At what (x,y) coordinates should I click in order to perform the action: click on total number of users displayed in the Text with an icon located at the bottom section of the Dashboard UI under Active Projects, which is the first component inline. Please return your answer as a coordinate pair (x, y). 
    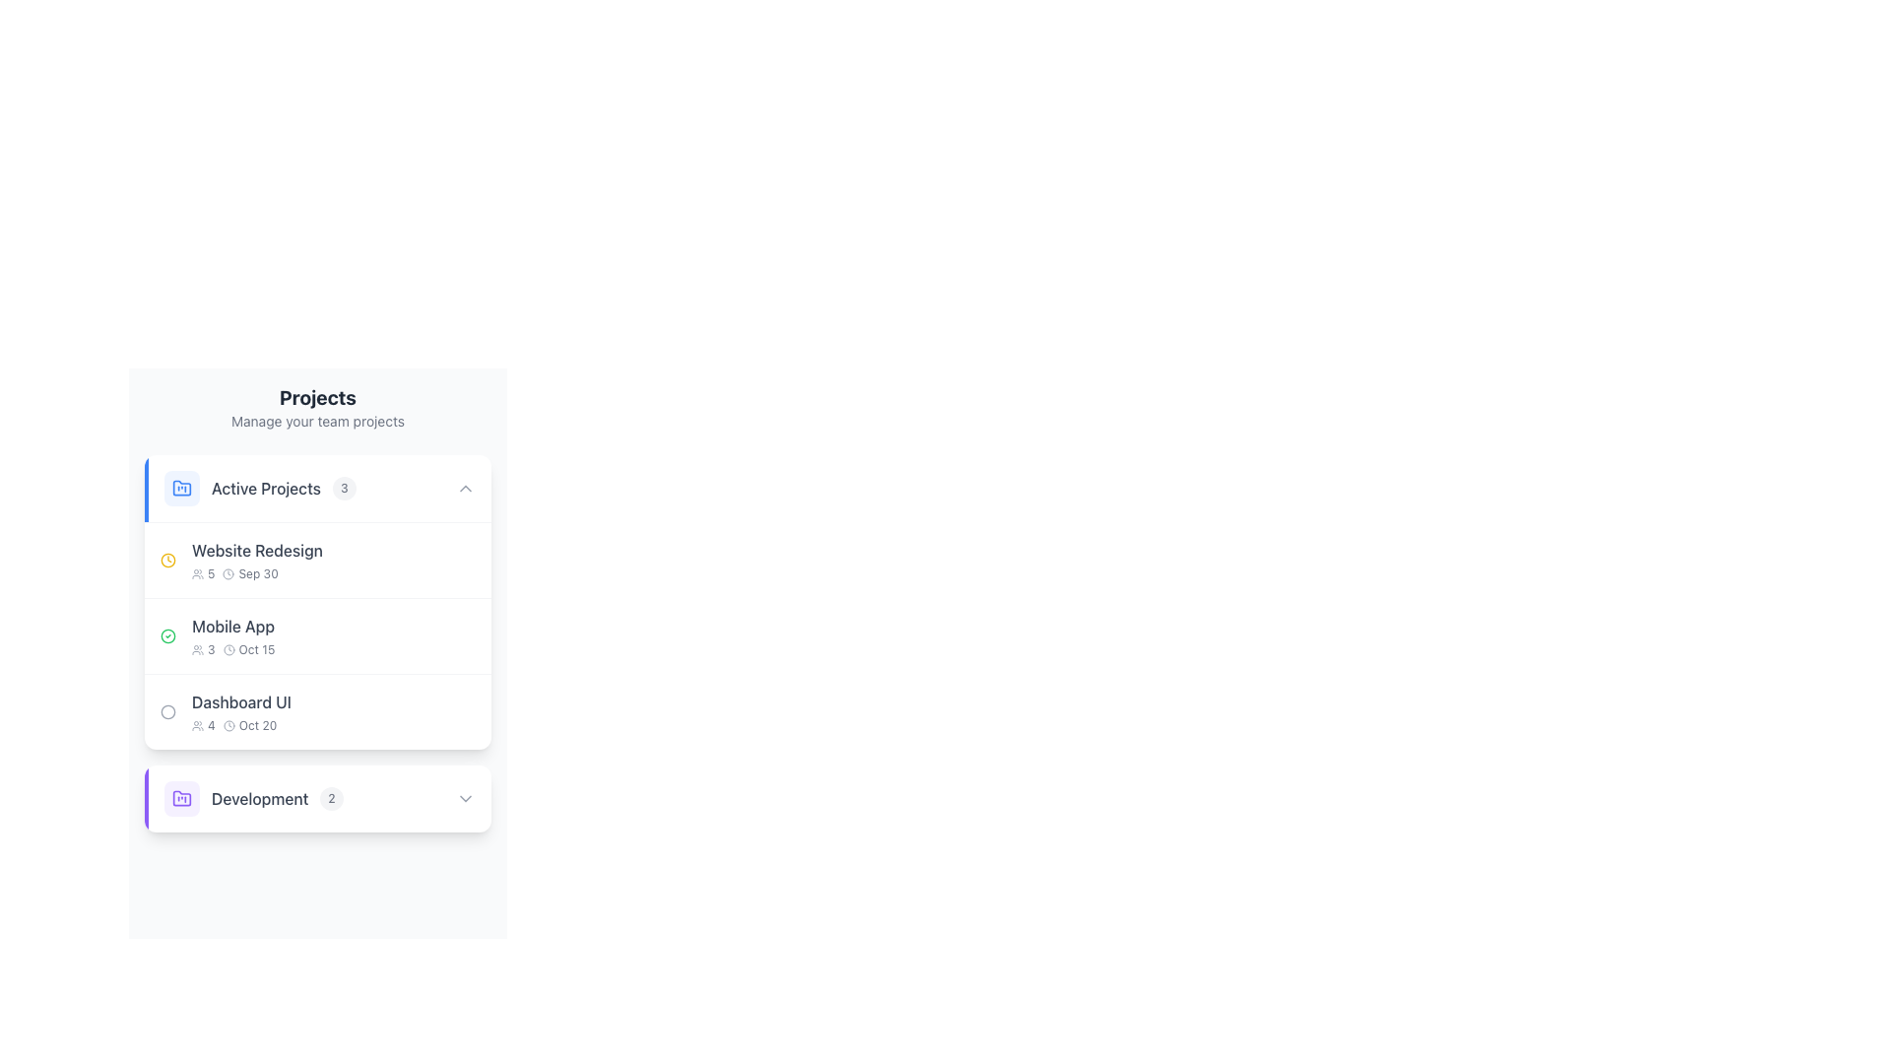
    Looking at the image, I should click on (203, 725).